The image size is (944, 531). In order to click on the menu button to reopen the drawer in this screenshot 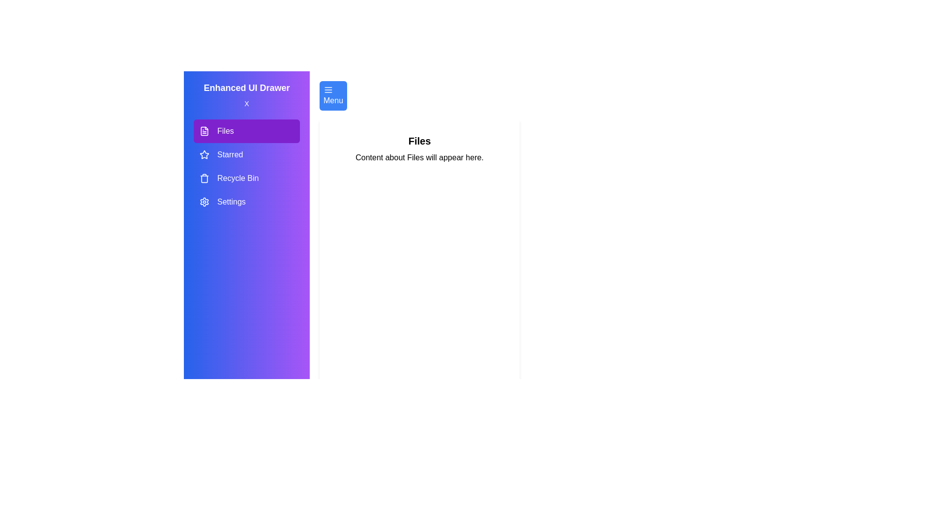, I will do `click(333, 96)`.